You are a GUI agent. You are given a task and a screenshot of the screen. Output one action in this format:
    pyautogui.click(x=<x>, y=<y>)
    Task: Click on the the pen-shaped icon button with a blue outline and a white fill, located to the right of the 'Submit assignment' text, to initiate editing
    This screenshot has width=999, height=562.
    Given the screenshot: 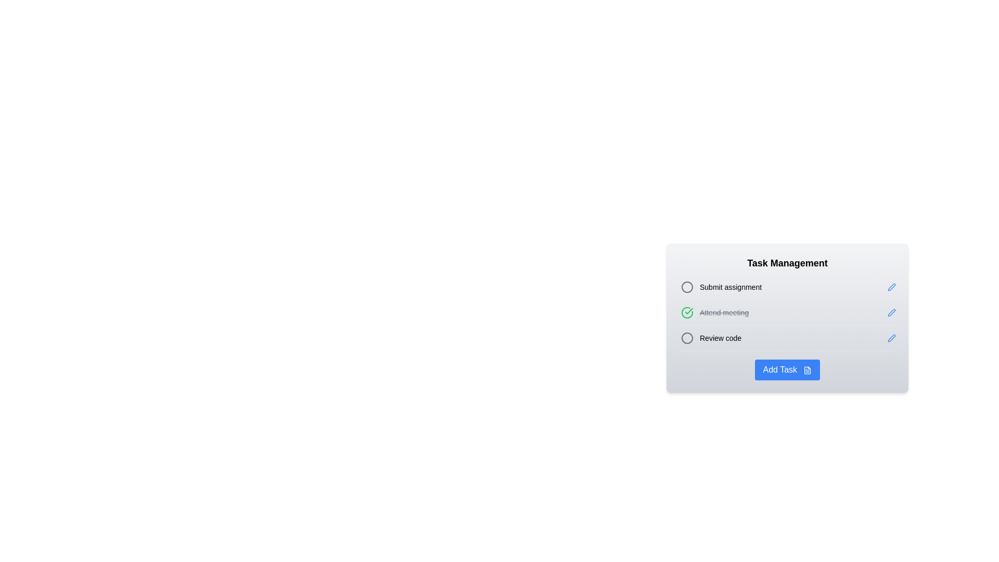 What is the action you would take?
    pyautogui.click(x=891, y=287)
    